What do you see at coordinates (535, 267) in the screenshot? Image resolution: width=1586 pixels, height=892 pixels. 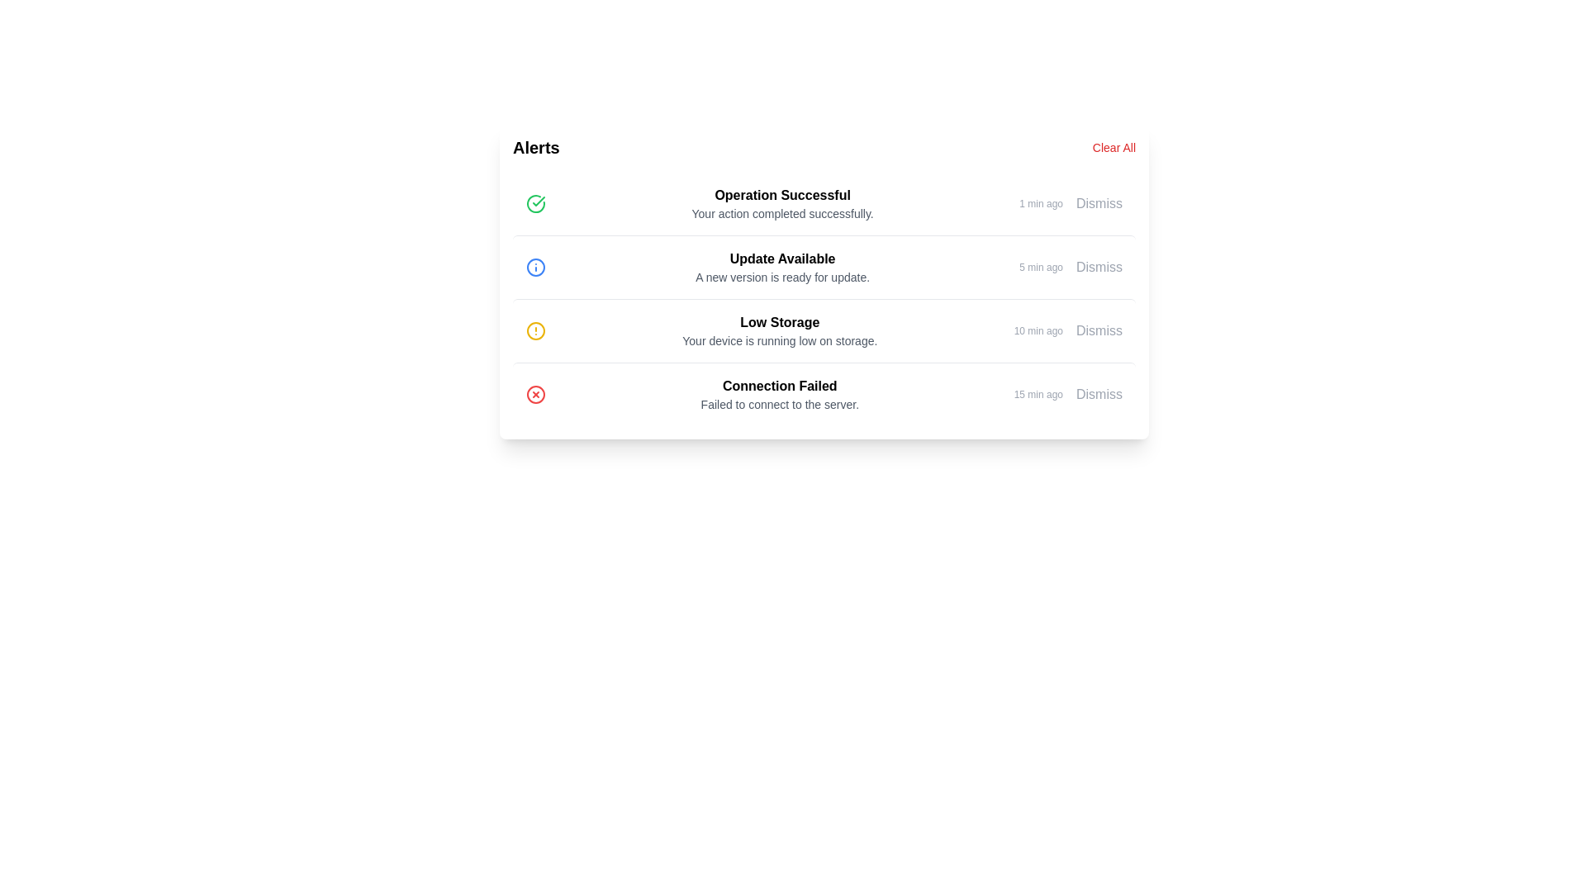 I see `the decorative SVG circle element associated with the 'Update Available' notification located in the second row of the 'Alerts' section` at bounding box center [535, 267].